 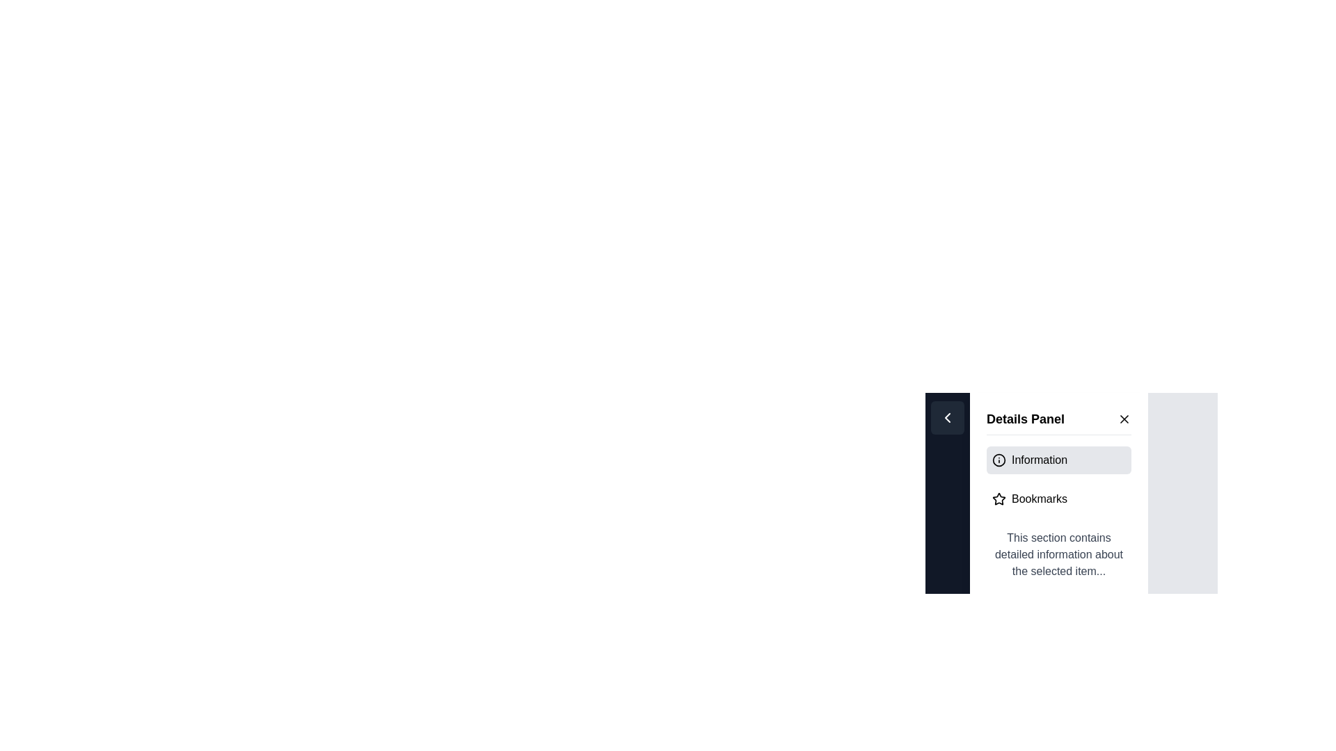 What do you see at coordinates (1058, 479) in the screenshot?
I see `the Navigation Menu` at bounding box center [1058, 479].